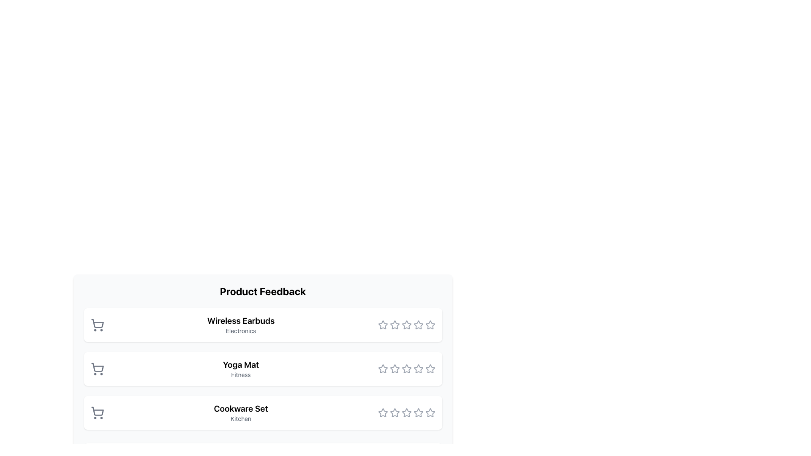 The width and height of the screenshot is (811, 456). What do you see at coordinates (240, 418) in the screenshot?
I see `the text label reading 'Kitchen', which is styled in small size font and light gray color, located beneath 'Cookware Set' in the product feedback list` at bounding box center [240, 418].